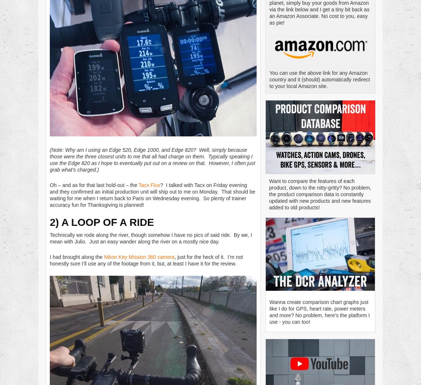 The height and width of the screenshot is (385, 421). What do you see at coordinates (320, 194) in the screenshot?
I see `'Want to compare the features of each product, down to the nitty-gritty? No problem, the product comparison data is constantly updated with new products and new features added to old products!'` at bounding box center [320, 194].